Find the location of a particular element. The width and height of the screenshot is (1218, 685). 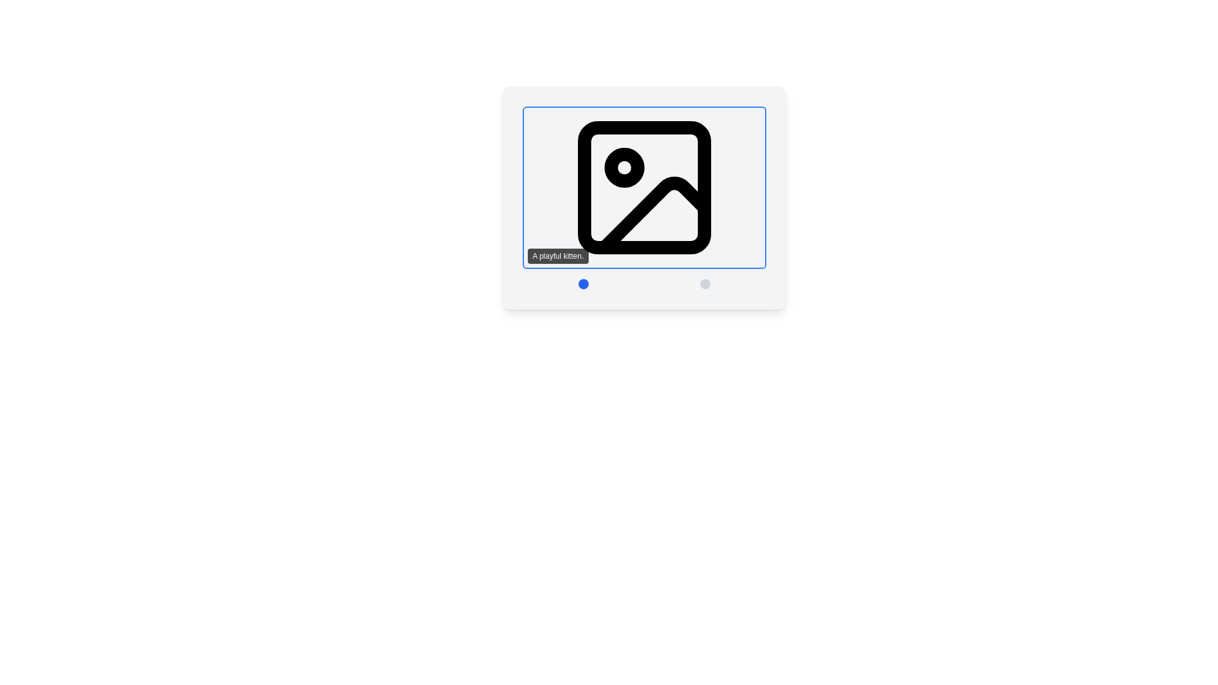

the image placeholder styled as a square icon with rounded corners, which includes a label reading 'A playful kitten.' positioned directly below it is located at coordinates (644, 188).